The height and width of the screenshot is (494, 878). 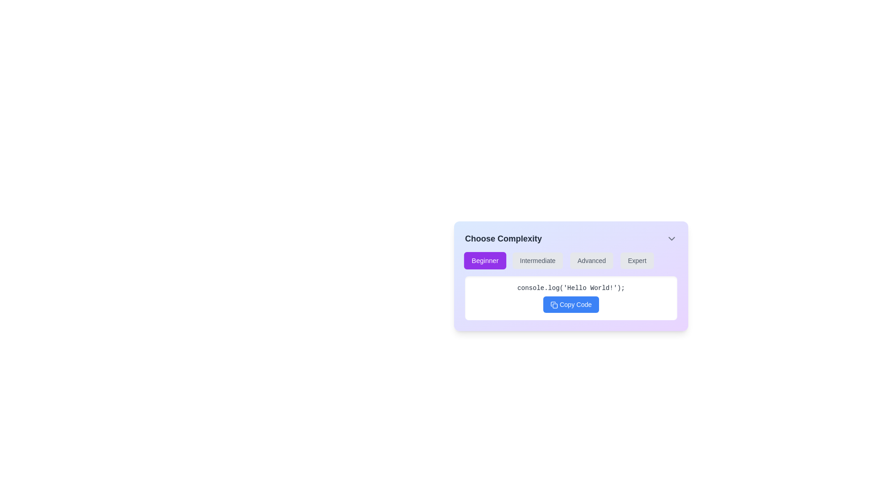 What do you see at coordinates (570, 305) in the screenshot?
I see `the 'Copy Code' button, which has a bright blue background and white text, located below the code snippet 'console.log('Hello World!');'` at bounding box center [570, 305].